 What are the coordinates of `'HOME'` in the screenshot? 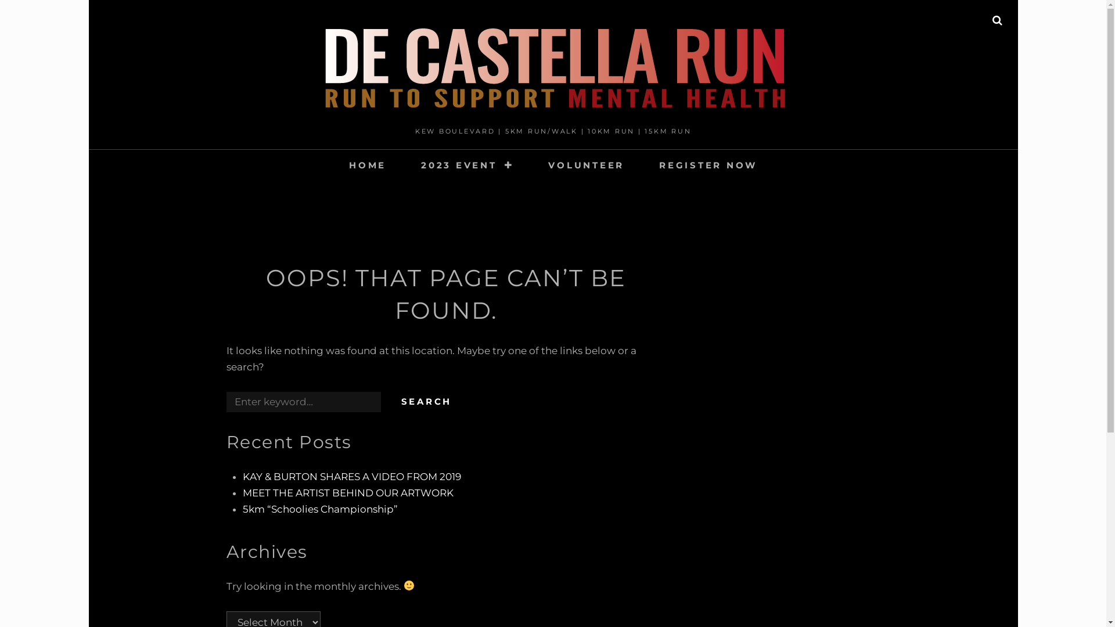 It's located at (332, 165).